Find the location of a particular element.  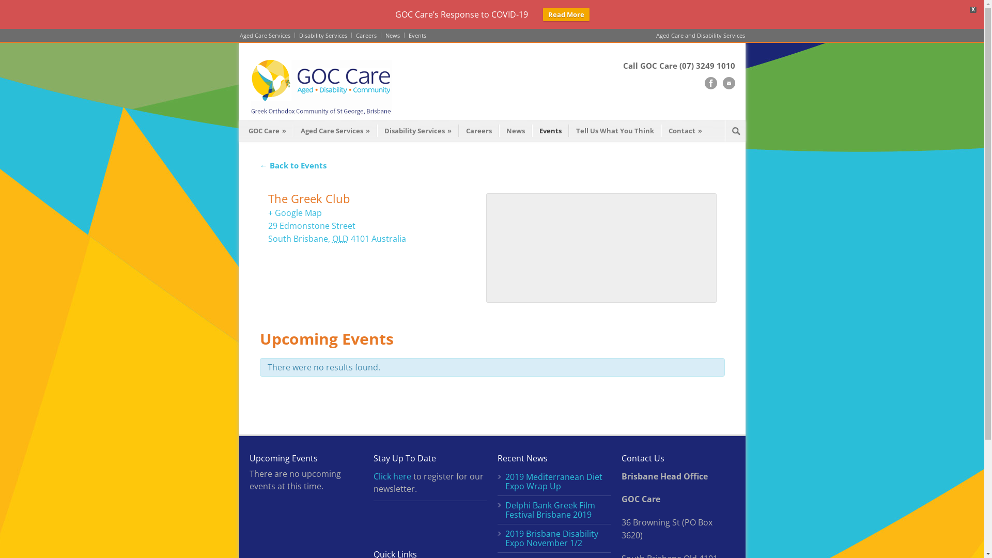

'Click here' is located at coordinates (391, 476).